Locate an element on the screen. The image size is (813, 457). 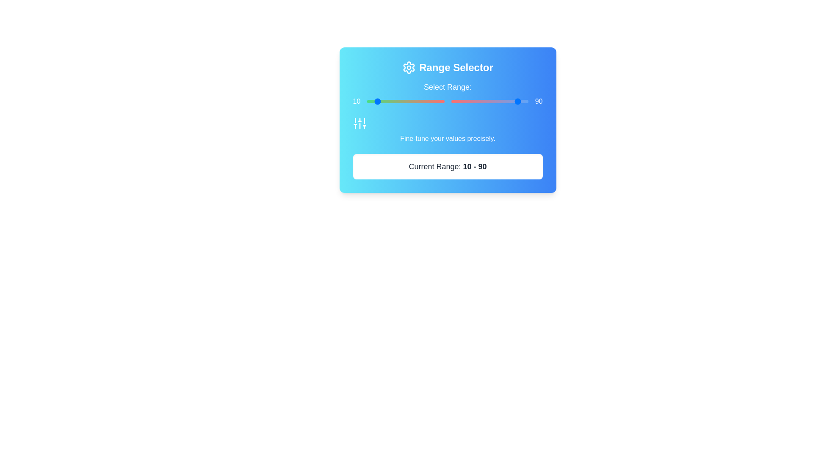
the right range slider to set its value to 41 is located at coordinates (483, 101).